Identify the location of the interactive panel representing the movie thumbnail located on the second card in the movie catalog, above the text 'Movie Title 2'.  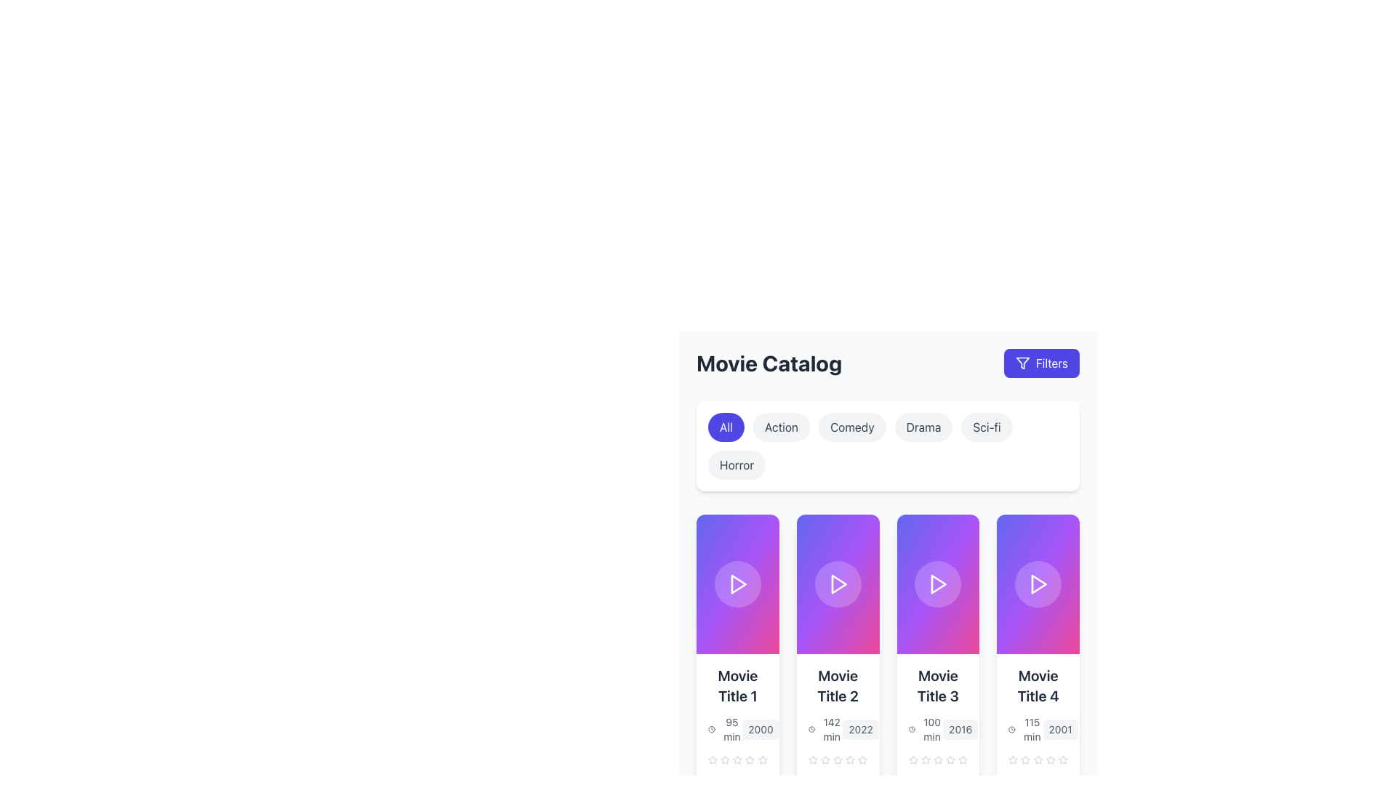
(838, 583).